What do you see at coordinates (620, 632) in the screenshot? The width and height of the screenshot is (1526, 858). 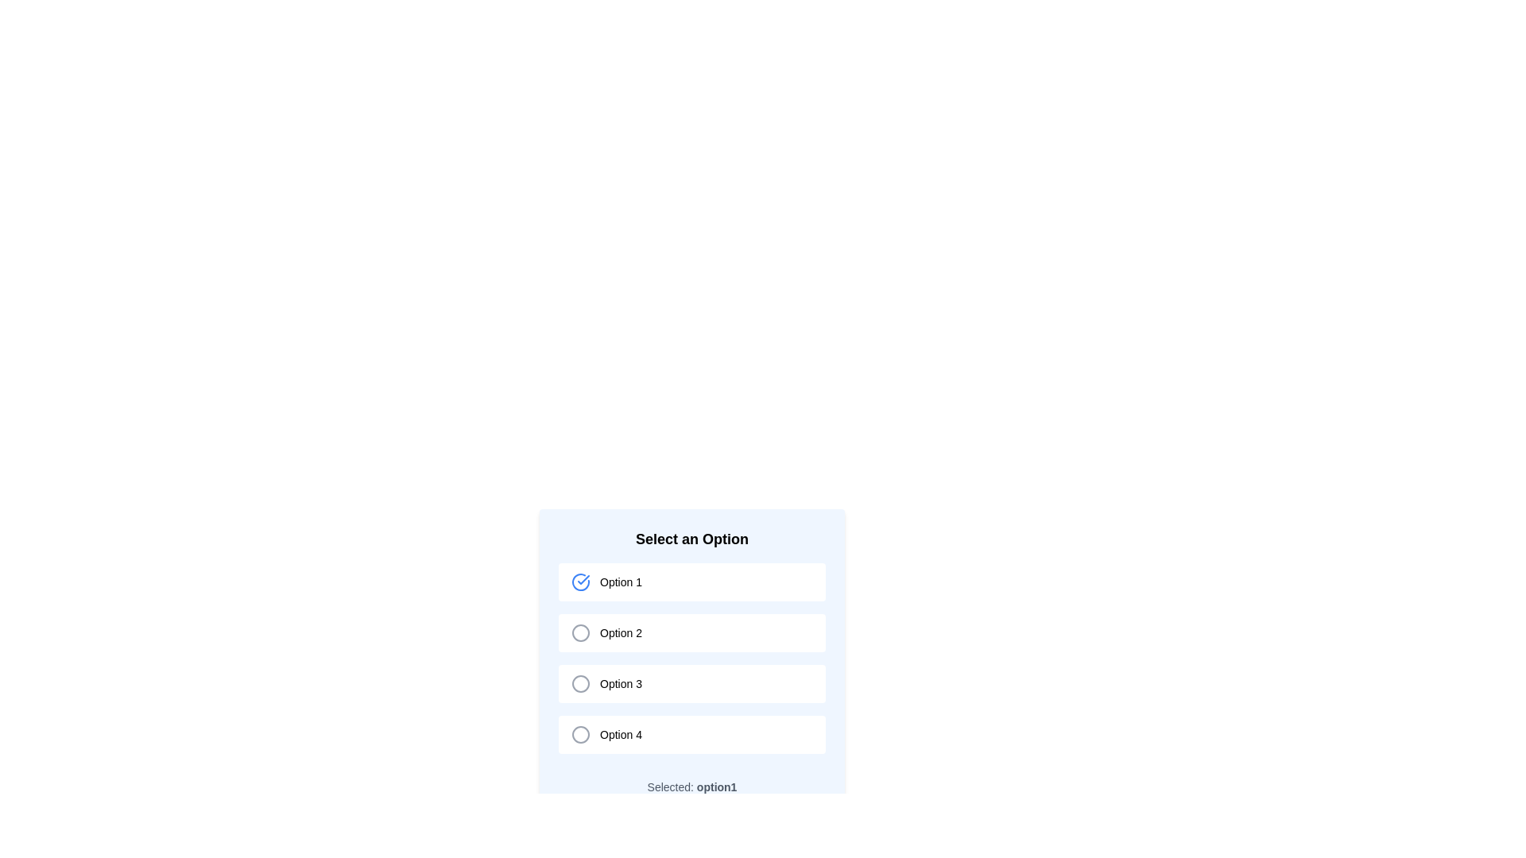 I see `the second selectable option label in the list, which is located directly below 'Option 1' and above 'Option 3'` at bounding box center [620, 632].